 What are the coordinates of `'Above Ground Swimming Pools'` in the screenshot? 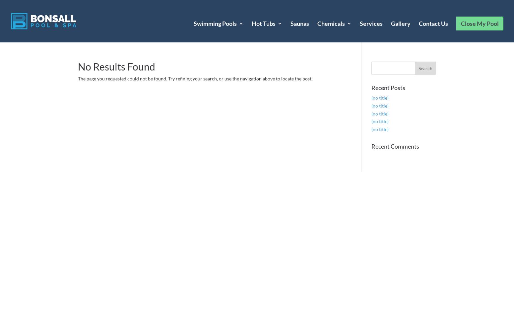 It's located at (228, 84).